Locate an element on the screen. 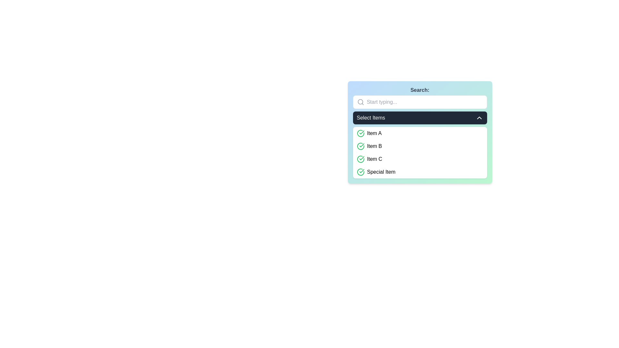 The image size is (619, 348). the main circle within the magnifying glass icon located on the far left side of the search field labeled 'Search' is located at coordinates (360, 101).